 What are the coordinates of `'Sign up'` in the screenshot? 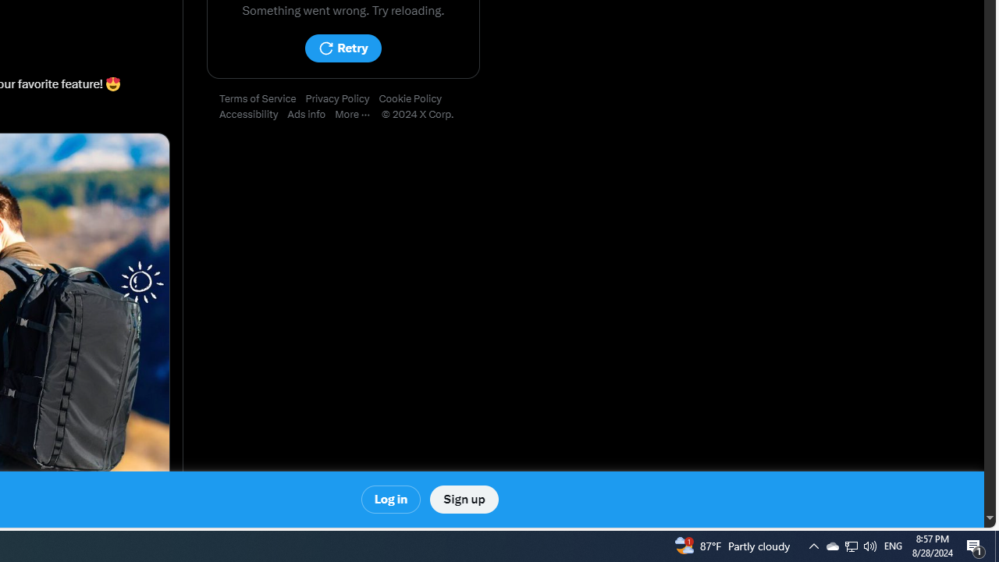 It's located at (463, 500).